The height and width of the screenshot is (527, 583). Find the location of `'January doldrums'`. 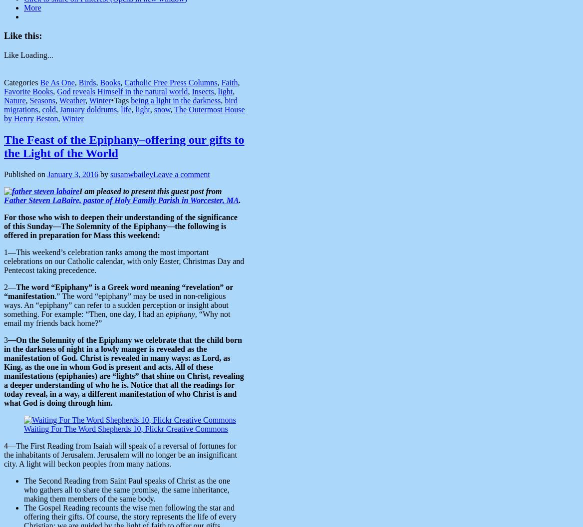

'January doldrums' is located at coordinates (88, 109).